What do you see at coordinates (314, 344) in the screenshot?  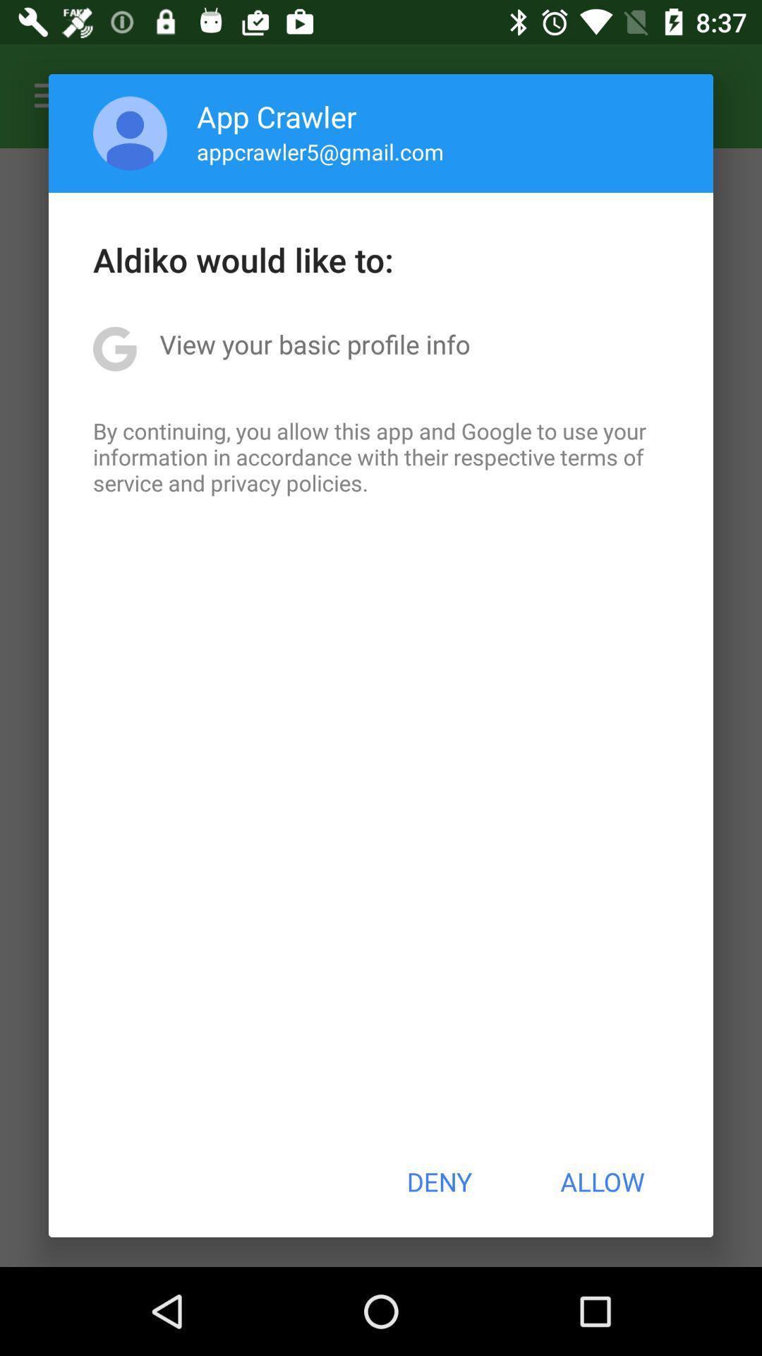 I see `app below the aldiko would like item` at bounding box center [314, 344].